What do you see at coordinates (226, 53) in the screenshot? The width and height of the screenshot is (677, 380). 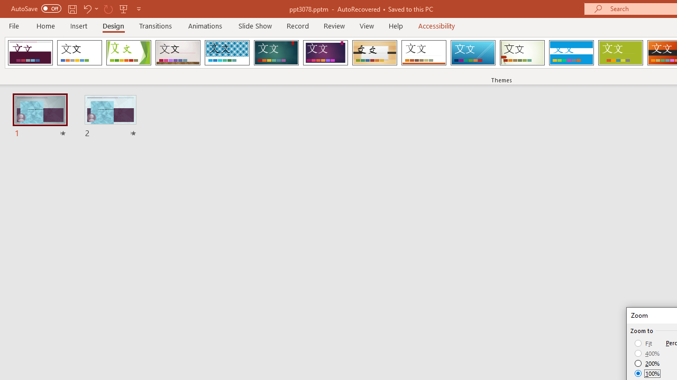 I see `'Integral'` at bounding box center [226, 53].